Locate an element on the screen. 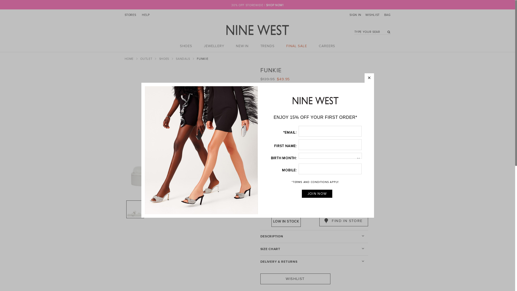 This screenshot has width=517, height=291. '9' is located at coordinates (299, 141).